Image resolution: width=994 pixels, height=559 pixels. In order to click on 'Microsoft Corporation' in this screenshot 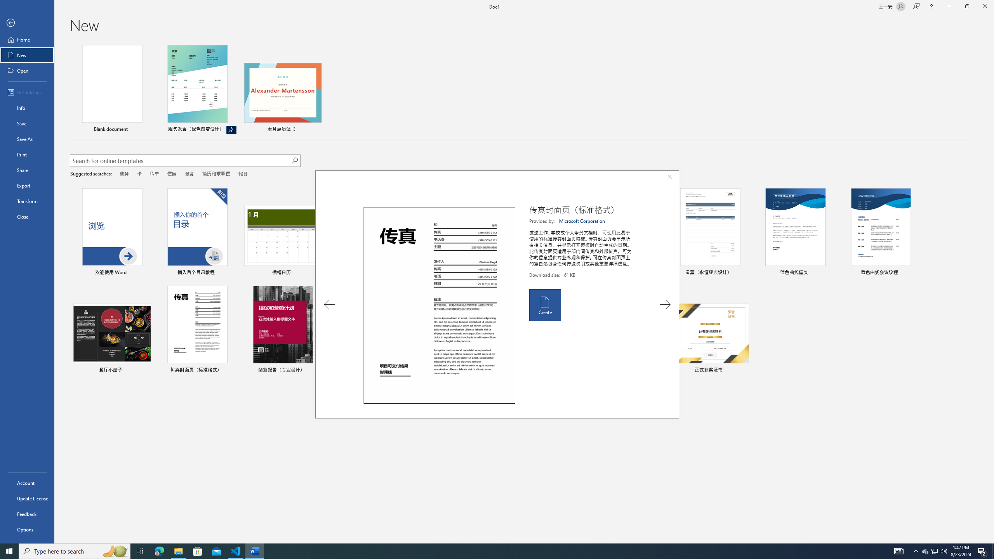, I will do `click(582, 220)`.